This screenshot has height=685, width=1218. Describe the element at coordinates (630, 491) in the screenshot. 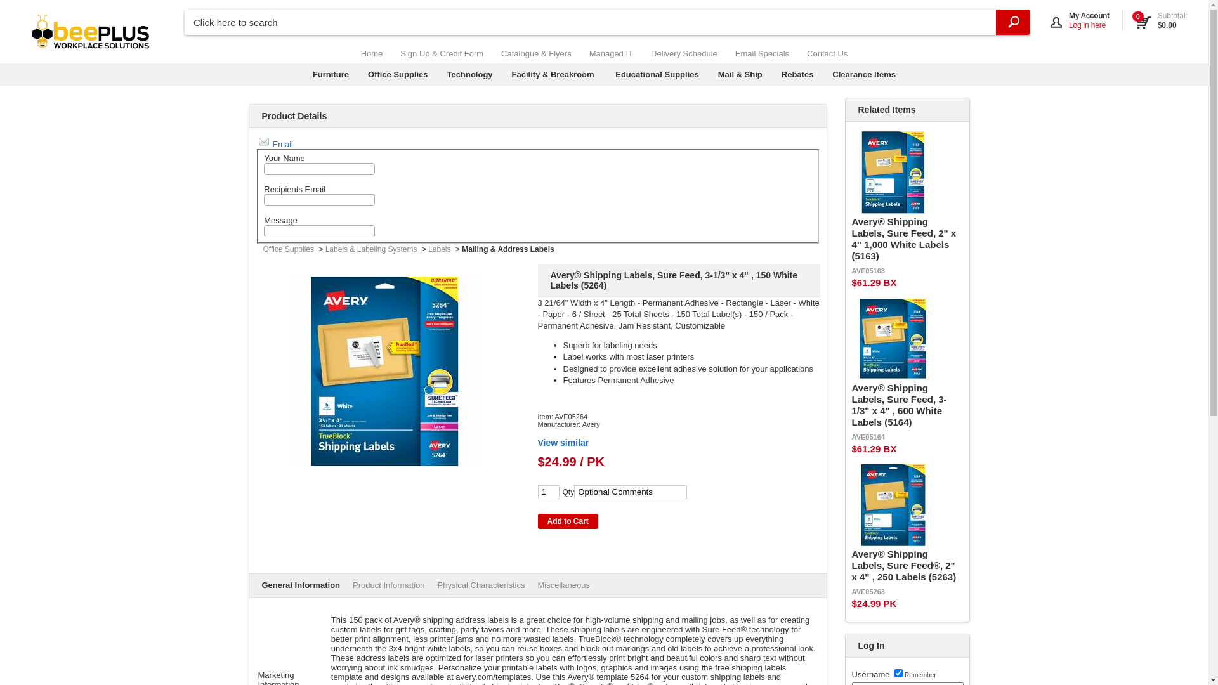

I see `'Optional Comments'` at that location.